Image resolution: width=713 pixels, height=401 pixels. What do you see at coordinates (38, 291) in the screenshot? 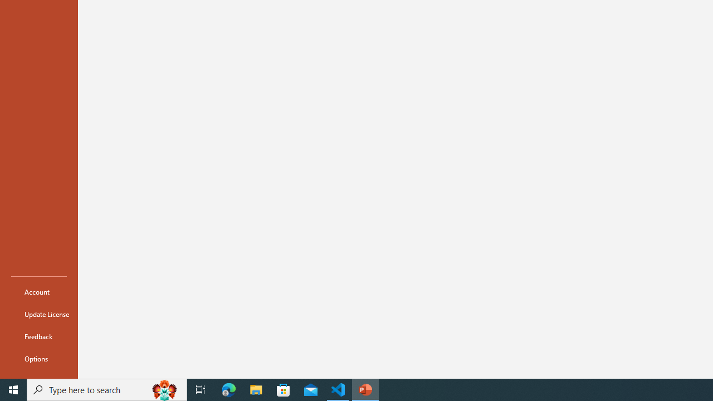
I see `'Account'` at bounding box center [38, 291].